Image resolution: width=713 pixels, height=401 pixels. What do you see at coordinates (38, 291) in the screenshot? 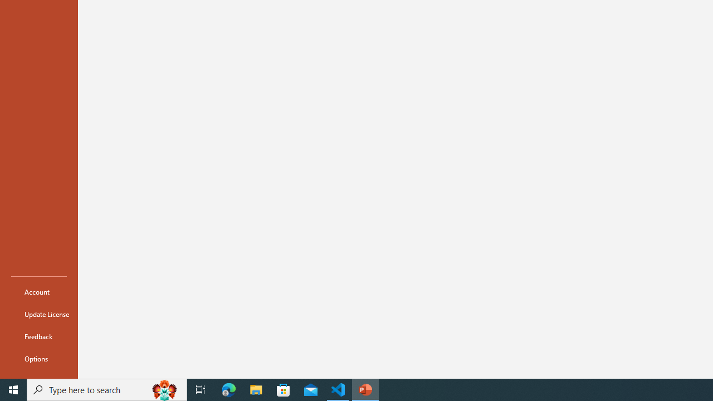
I see `'Account'` at bounding box center [38, 291].